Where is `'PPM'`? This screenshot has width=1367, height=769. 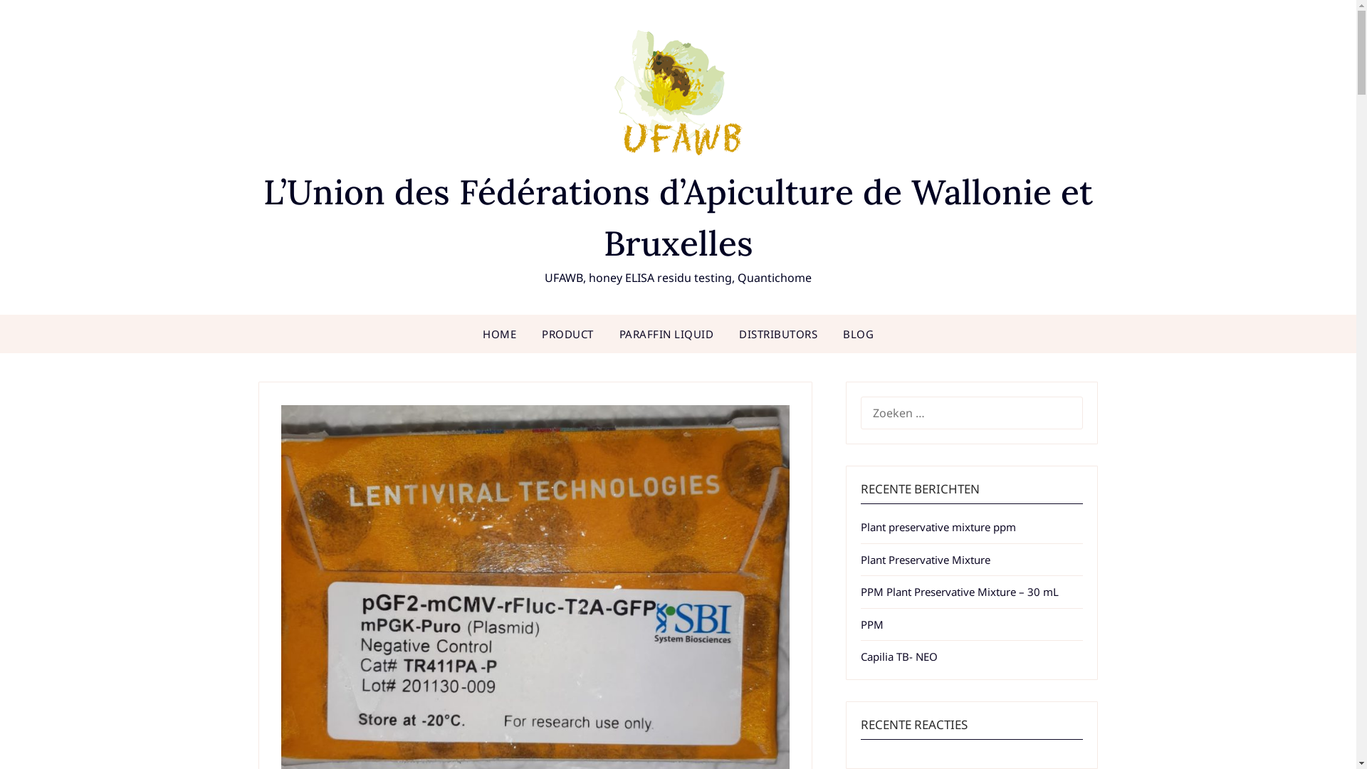
'PPM' is located at coordinates (871, 623).